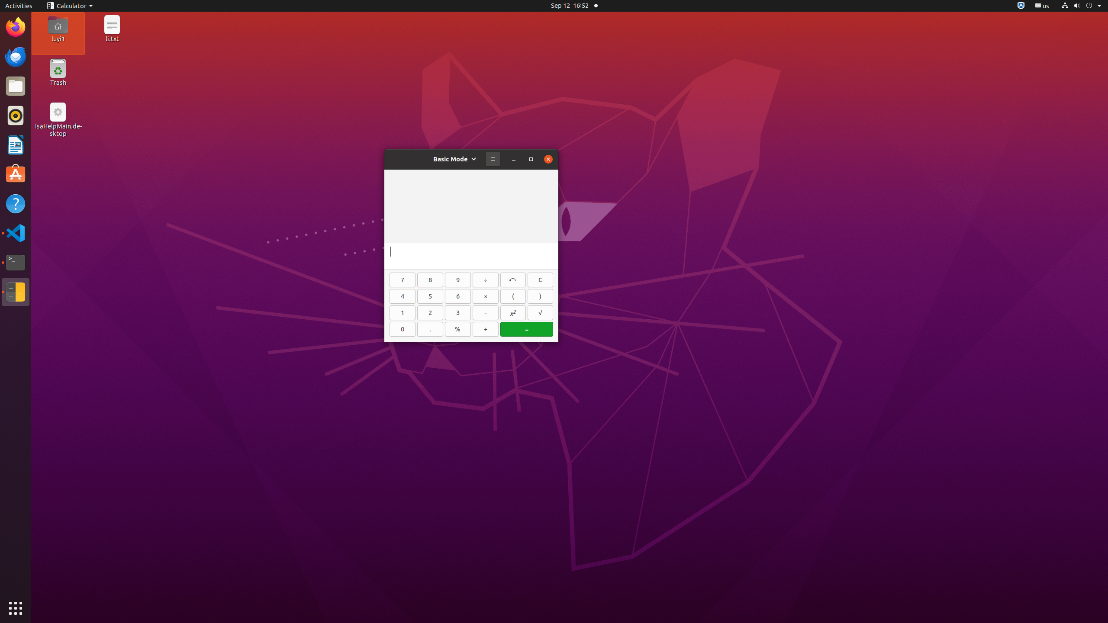  Describe the element at coordinates (69, 5) in the screenshot. I see `'Calculator'` at that location.